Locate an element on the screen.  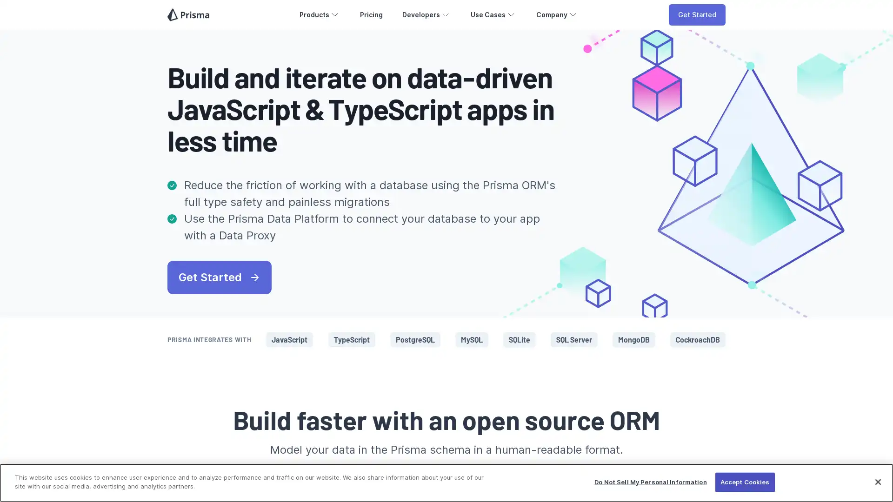
Do Not Sell My Personal Information is located at coordinates (650, 482).